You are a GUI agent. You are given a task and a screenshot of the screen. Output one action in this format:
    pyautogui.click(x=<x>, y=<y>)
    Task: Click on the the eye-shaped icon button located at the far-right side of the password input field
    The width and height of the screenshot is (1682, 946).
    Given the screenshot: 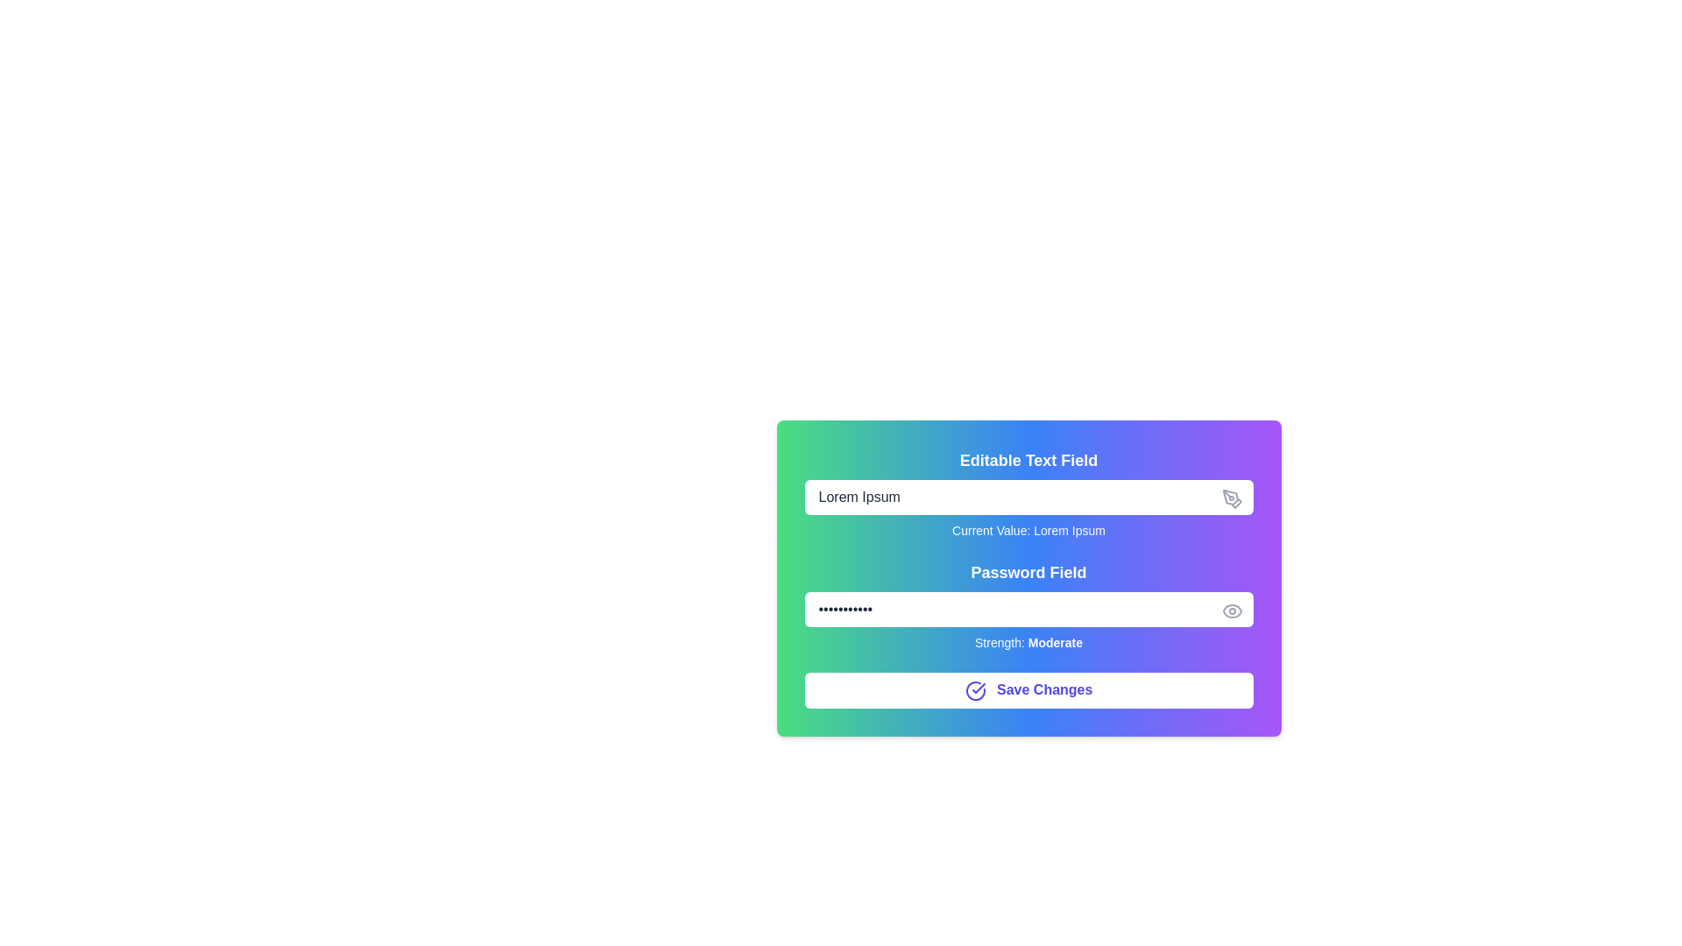 What is the action you would take?
    pyautogui.click(x=1231, y=611)
    